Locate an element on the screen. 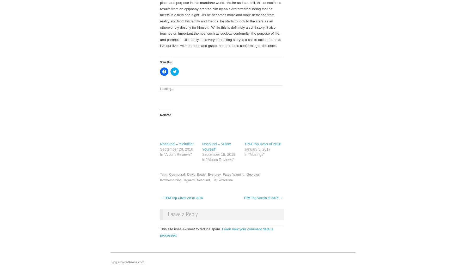 This screenshot has height=273, width=466. 'Iamthemorning' is located at coordinates (170, 180).